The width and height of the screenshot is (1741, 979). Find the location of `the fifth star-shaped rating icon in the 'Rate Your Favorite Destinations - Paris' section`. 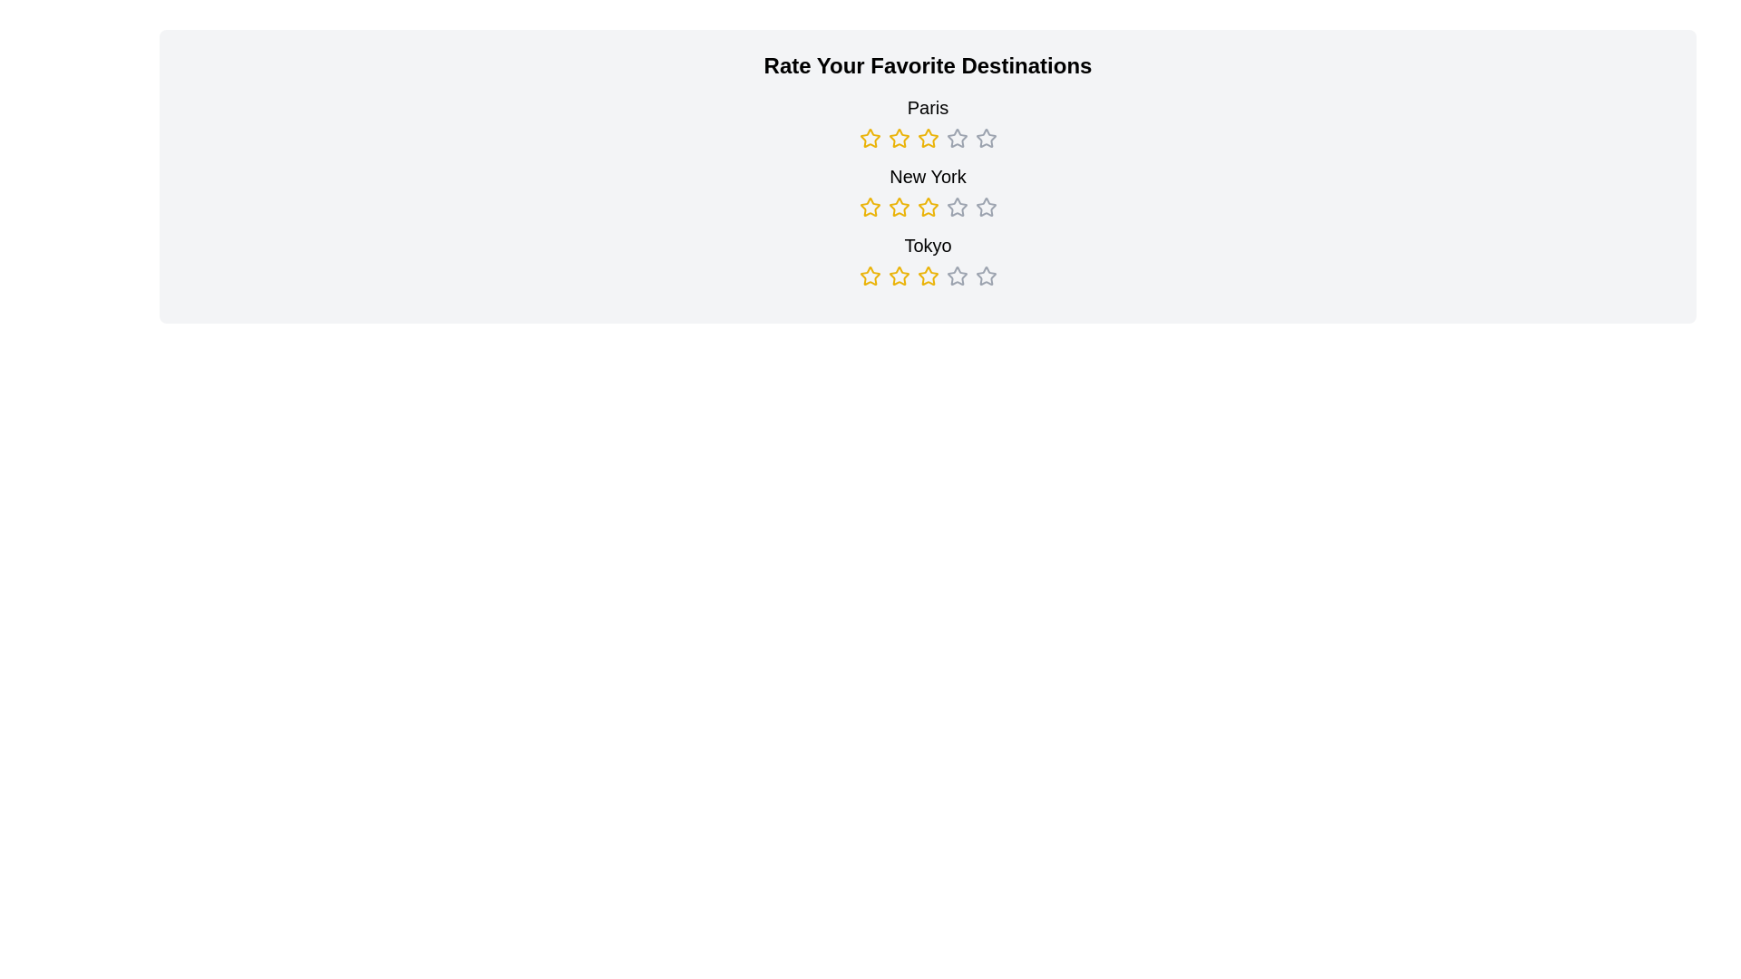

the fifth star-shaped rating icon in the 'Rate Your Favorite Destinations - Paris' section is located at coordinates (985, 138).